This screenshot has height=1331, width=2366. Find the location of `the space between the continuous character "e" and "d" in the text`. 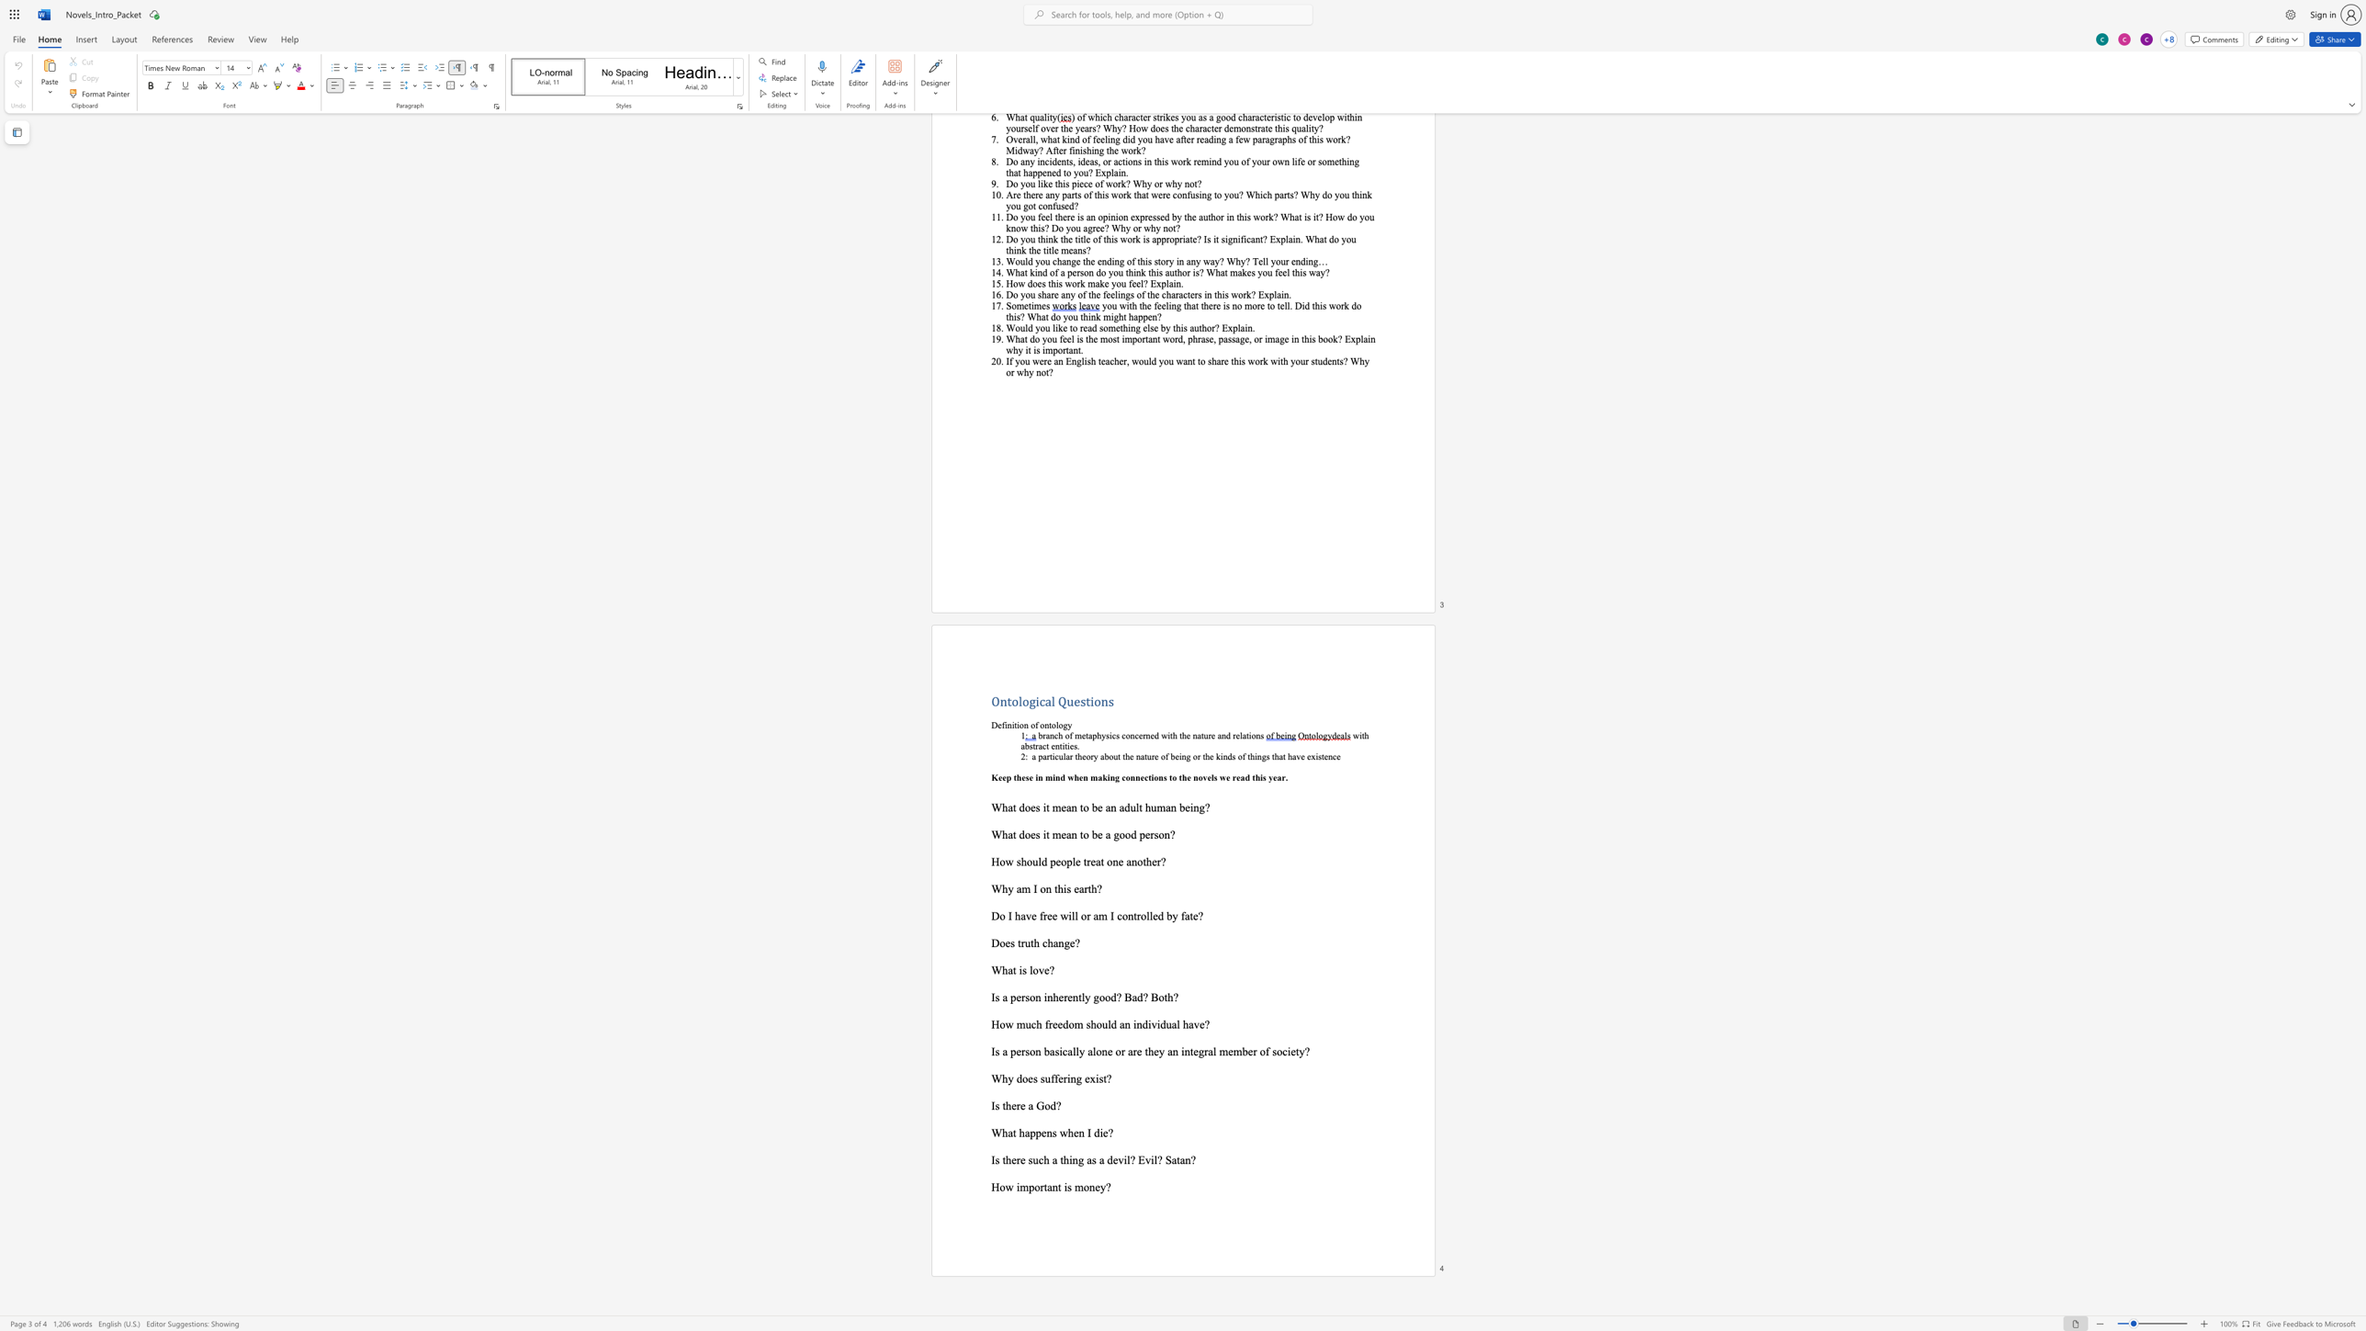

the space between the continuous character "e" and "d" in the text is located at coordinates (1157, 915).